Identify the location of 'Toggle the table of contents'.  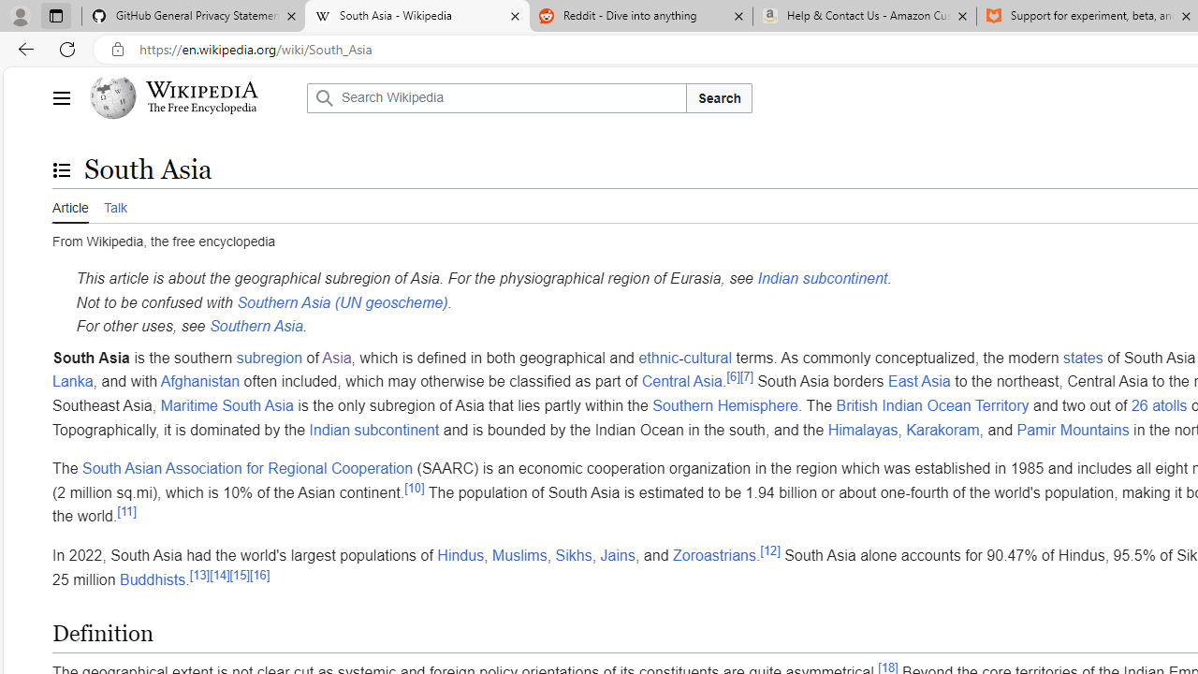
(61, 169).